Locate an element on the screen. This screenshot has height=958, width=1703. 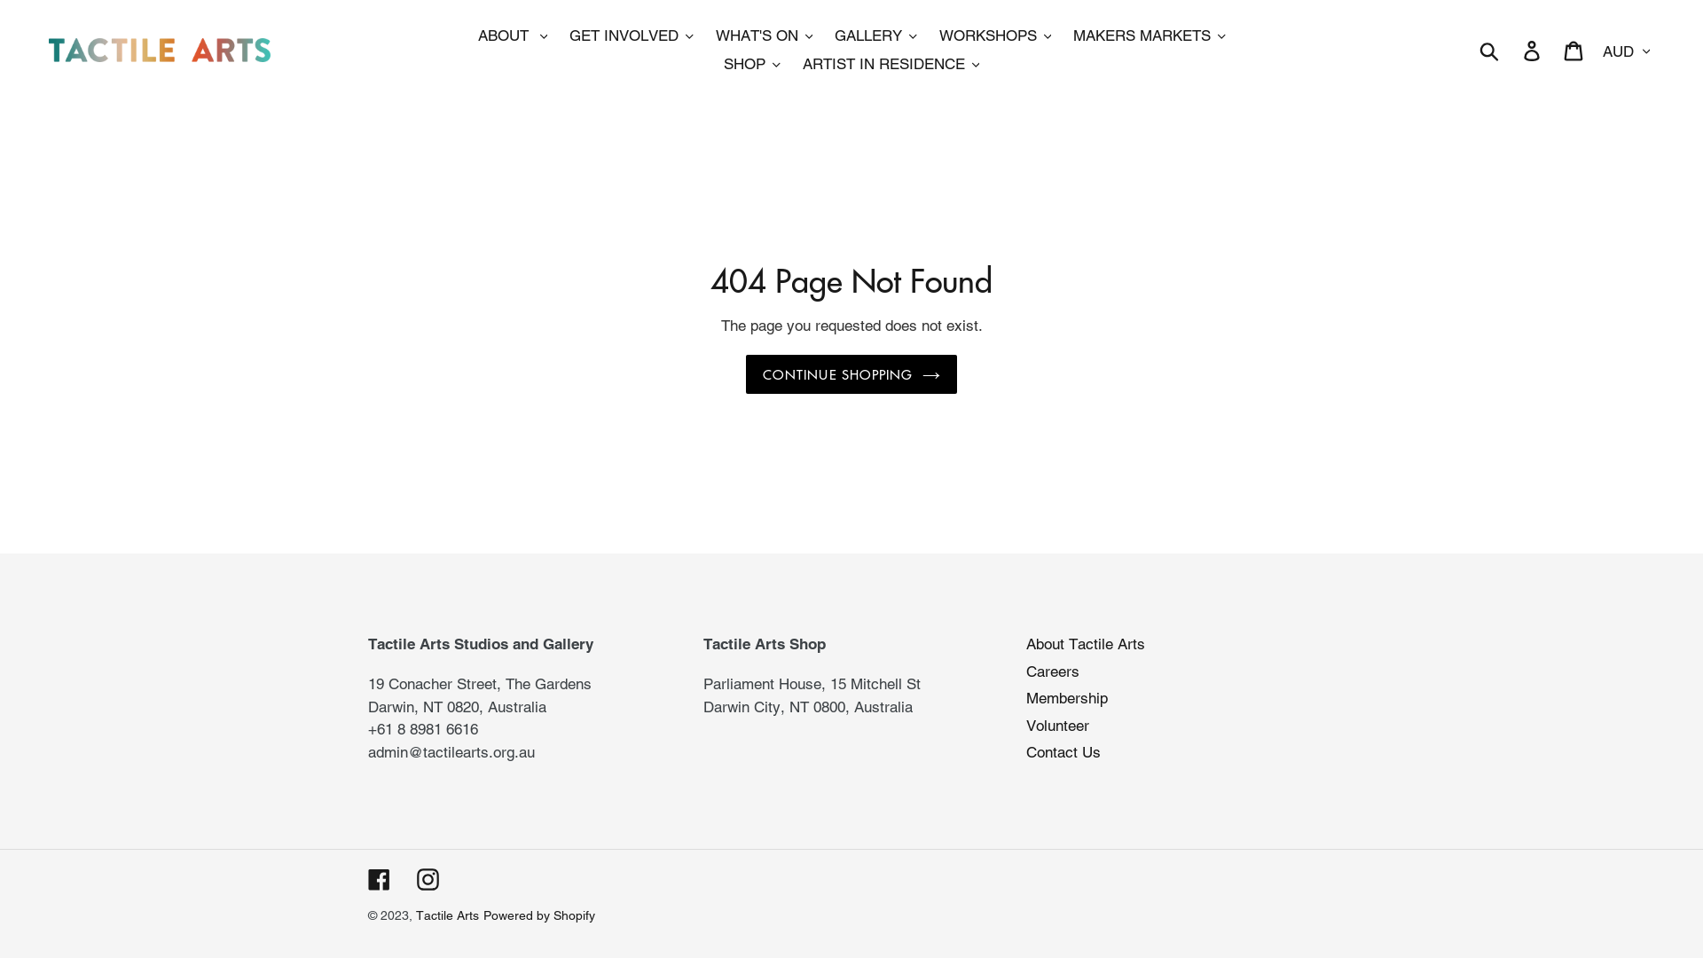
'CONTINUE SHOPPING' is located at coordinates (850, 373).